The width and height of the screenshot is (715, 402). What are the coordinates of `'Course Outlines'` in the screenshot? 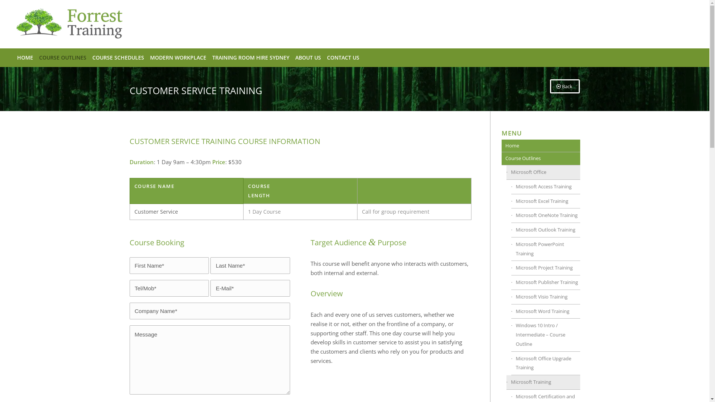 It's located at (540, 158).